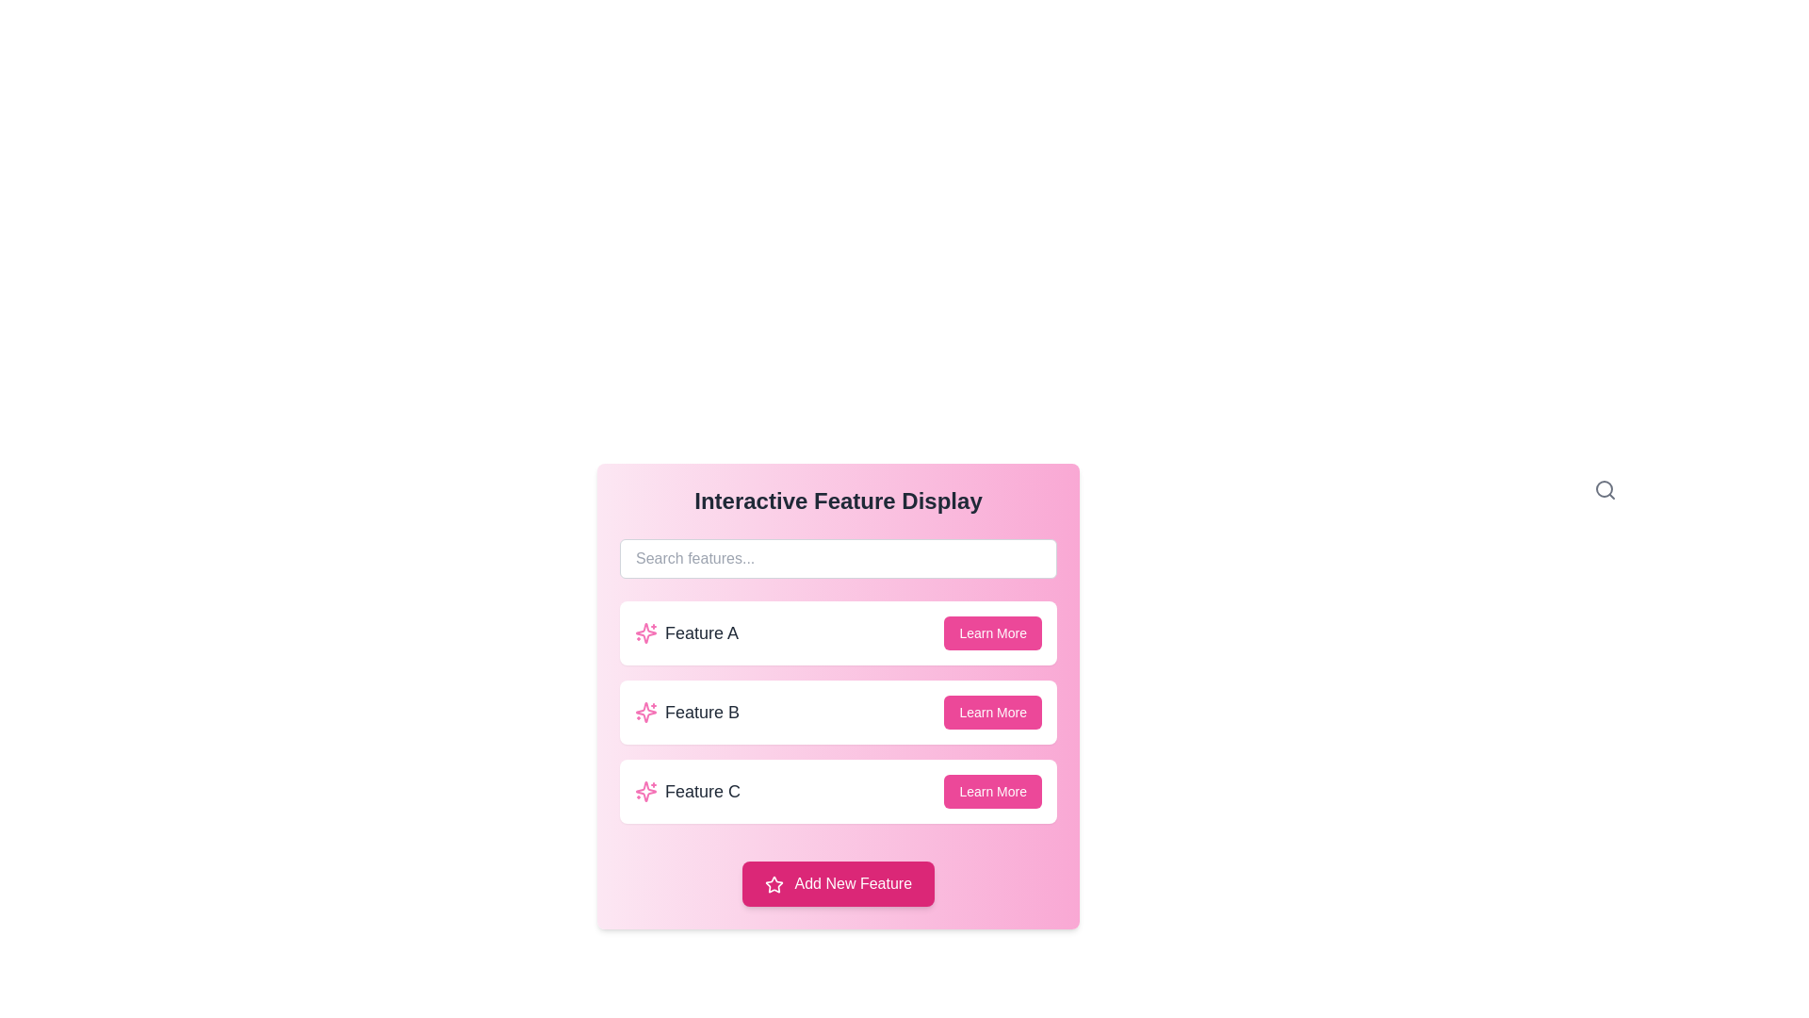 This screenshot has height=1018, width=1809. Describe the element at coordinates (837, 883) in the screenshot. I see `the rectangular button with a pink background labeled 'Add New Feature'` at that location.